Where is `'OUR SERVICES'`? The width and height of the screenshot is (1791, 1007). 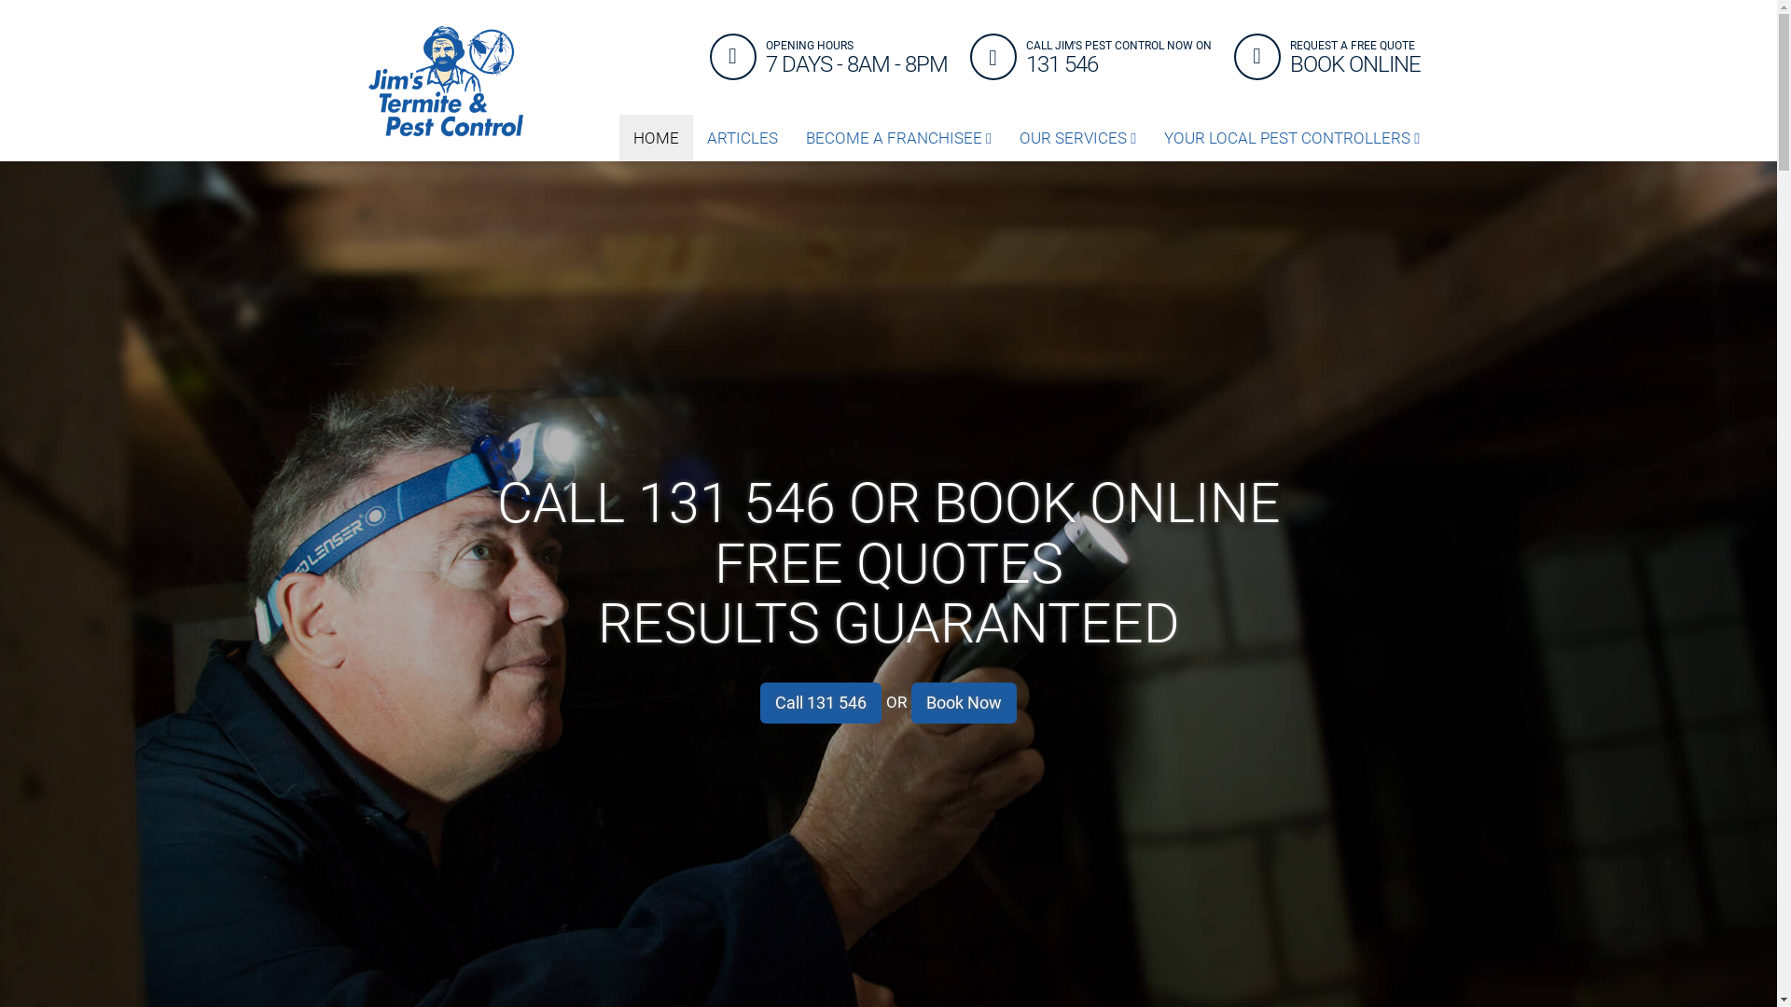
'OUR SERVICES' is located at coordinates (1077, 136).